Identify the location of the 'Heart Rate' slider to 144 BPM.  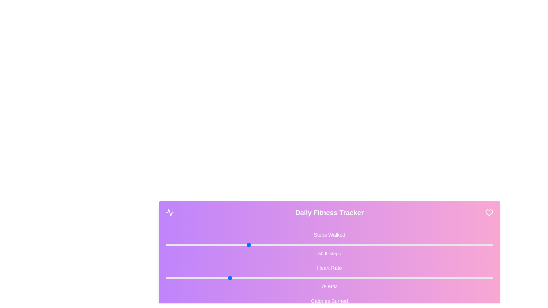
(402, 278).